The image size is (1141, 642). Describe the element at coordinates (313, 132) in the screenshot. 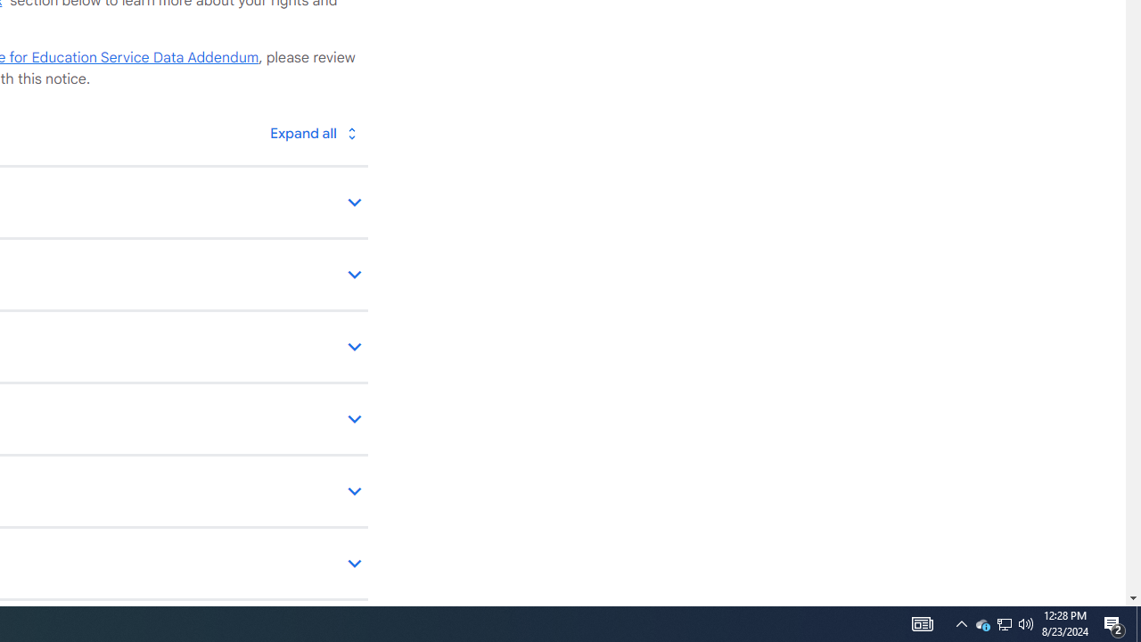

I see `'Toggle all'` at that location.